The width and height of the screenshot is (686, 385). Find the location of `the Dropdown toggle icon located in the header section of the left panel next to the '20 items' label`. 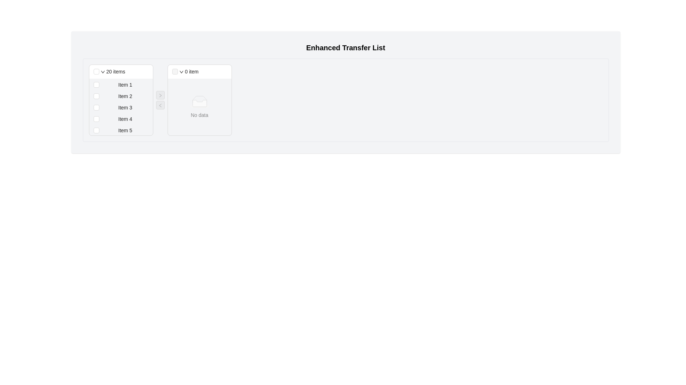

the Dropdown toggle icon located in the header section of the left panel next to the '20 items' label is located at coordinates (102, 72).